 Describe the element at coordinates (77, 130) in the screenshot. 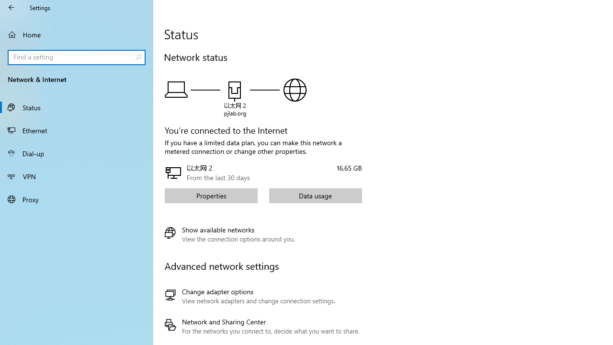

I see `'Ethernet'` at that location.